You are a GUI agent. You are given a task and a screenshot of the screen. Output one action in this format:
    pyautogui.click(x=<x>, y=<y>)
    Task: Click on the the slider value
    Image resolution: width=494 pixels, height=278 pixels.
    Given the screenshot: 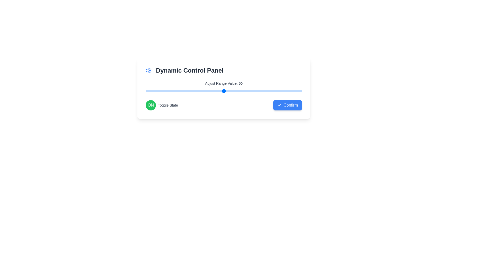 What is the action you would take?
    pyautogui.click(x=217, y=91)
    